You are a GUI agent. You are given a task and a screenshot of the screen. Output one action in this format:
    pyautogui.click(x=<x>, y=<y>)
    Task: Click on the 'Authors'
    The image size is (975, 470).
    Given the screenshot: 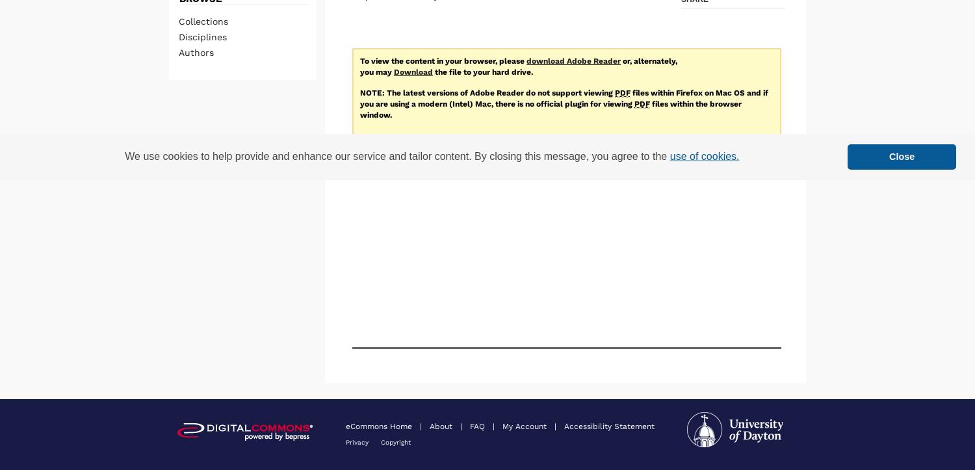 What is the action you would take?
    pyautogui.click(x=196, y=51)
    